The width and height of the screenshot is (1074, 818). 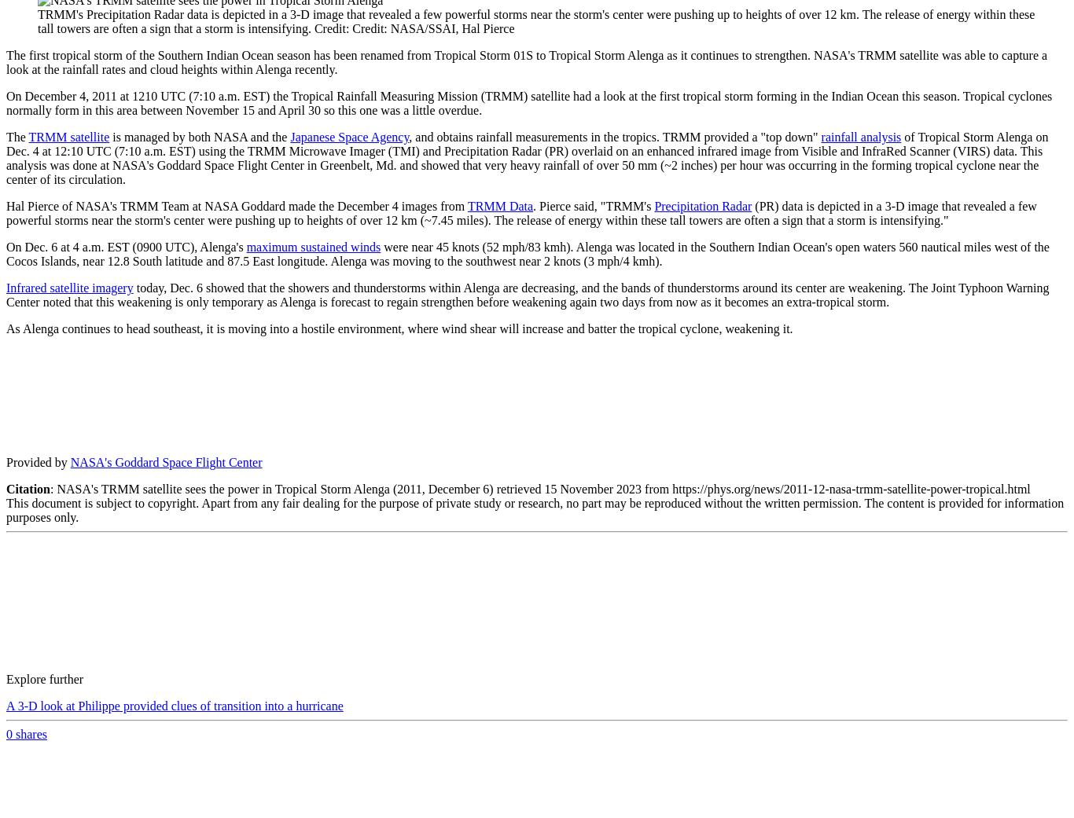 What do you see at coordinates (702, 205) in the screenshot?
I see `'Precipitation Radar'` at bounding box center [702, 205].